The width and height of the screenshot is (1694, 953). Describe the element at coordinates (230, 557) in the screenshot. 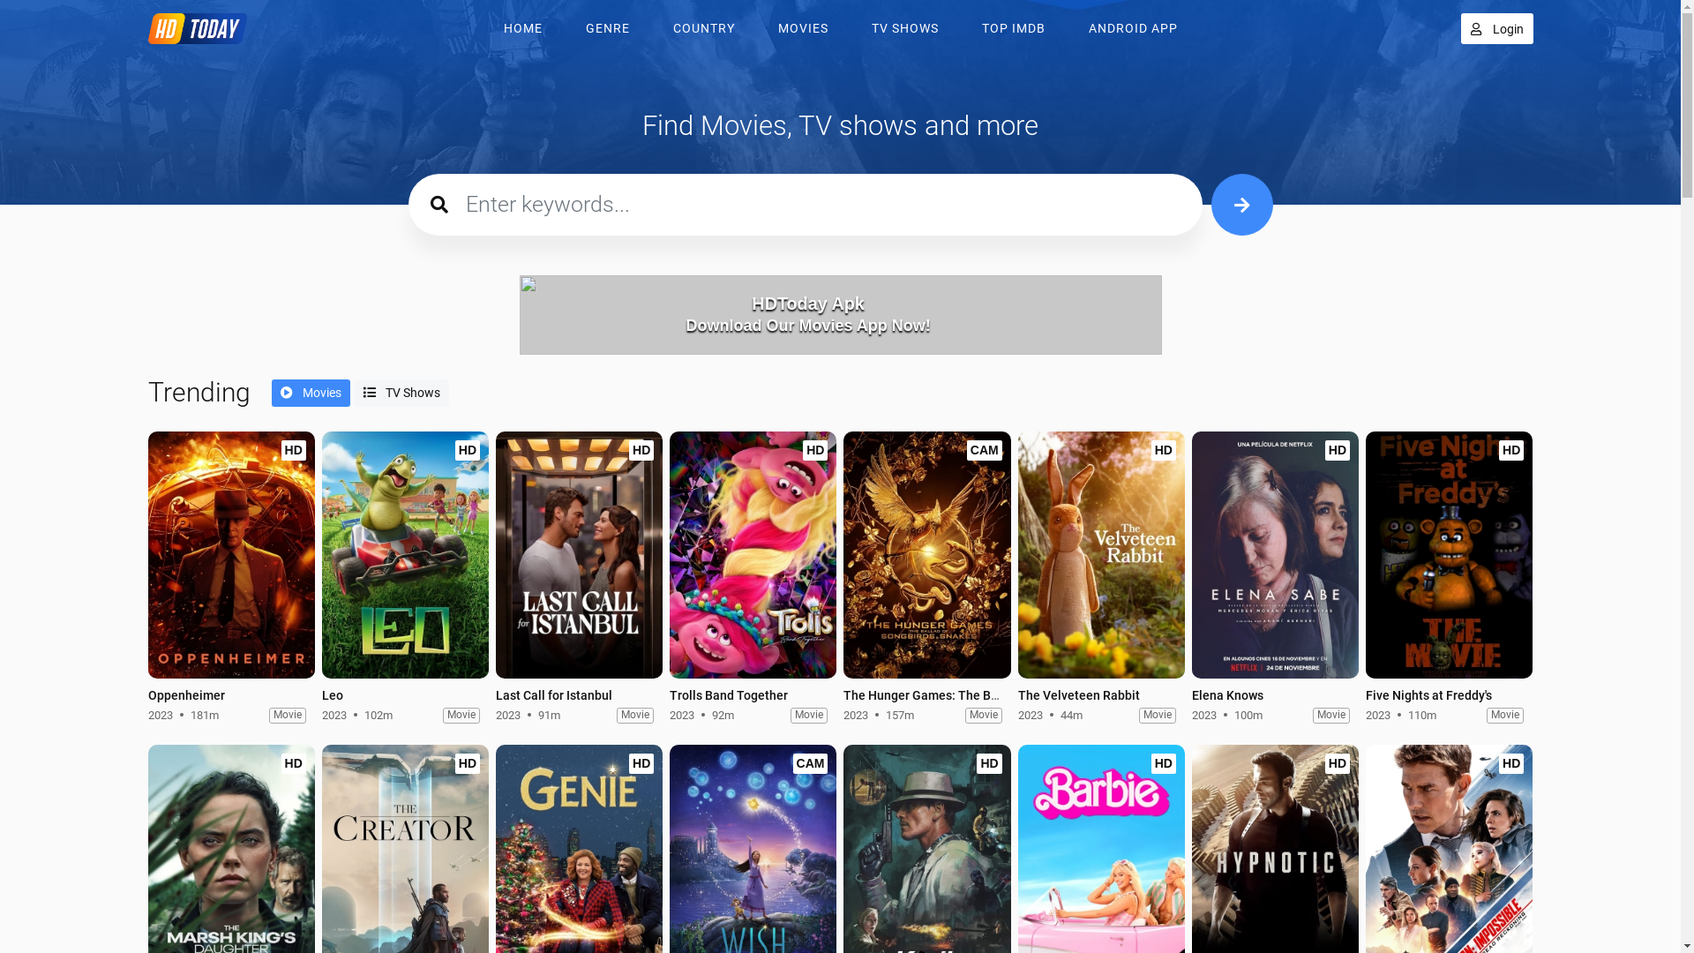

I see `'Oppenheimer'` at that location.